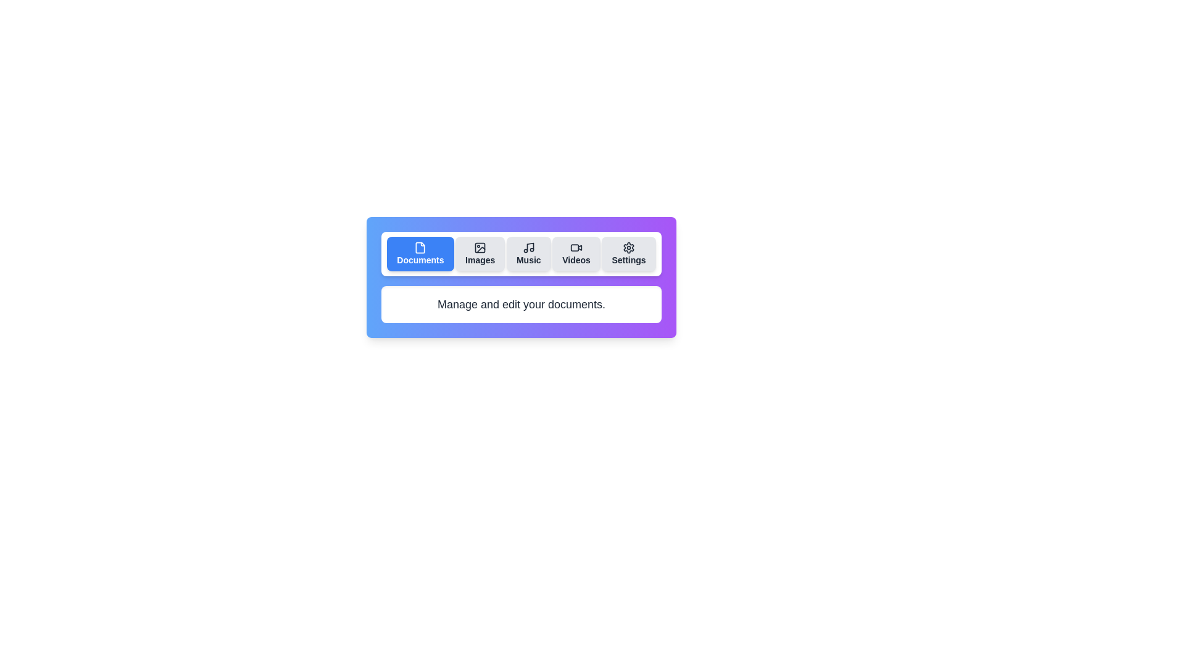 Image resolution: width=1185 pixels, height=666 pixels. Describe the element at coordinates (628, 253) in the screenshot. I see `the tab labeled Settings to view its content` at that location.